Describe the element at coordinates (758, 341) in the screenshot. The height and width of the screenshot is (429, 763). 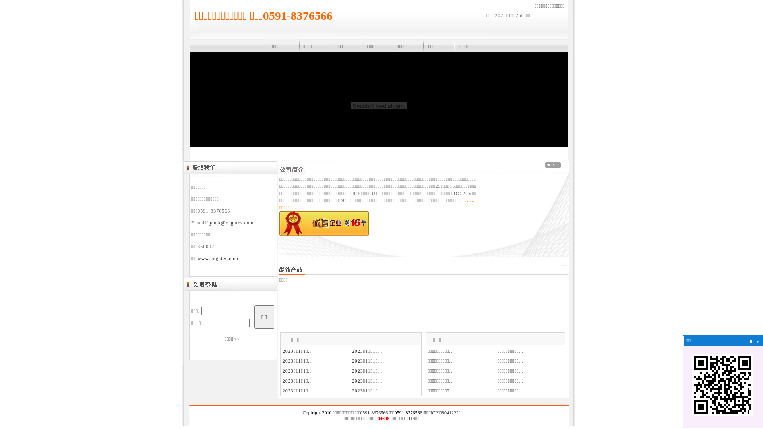
I see `'r'` at that location.